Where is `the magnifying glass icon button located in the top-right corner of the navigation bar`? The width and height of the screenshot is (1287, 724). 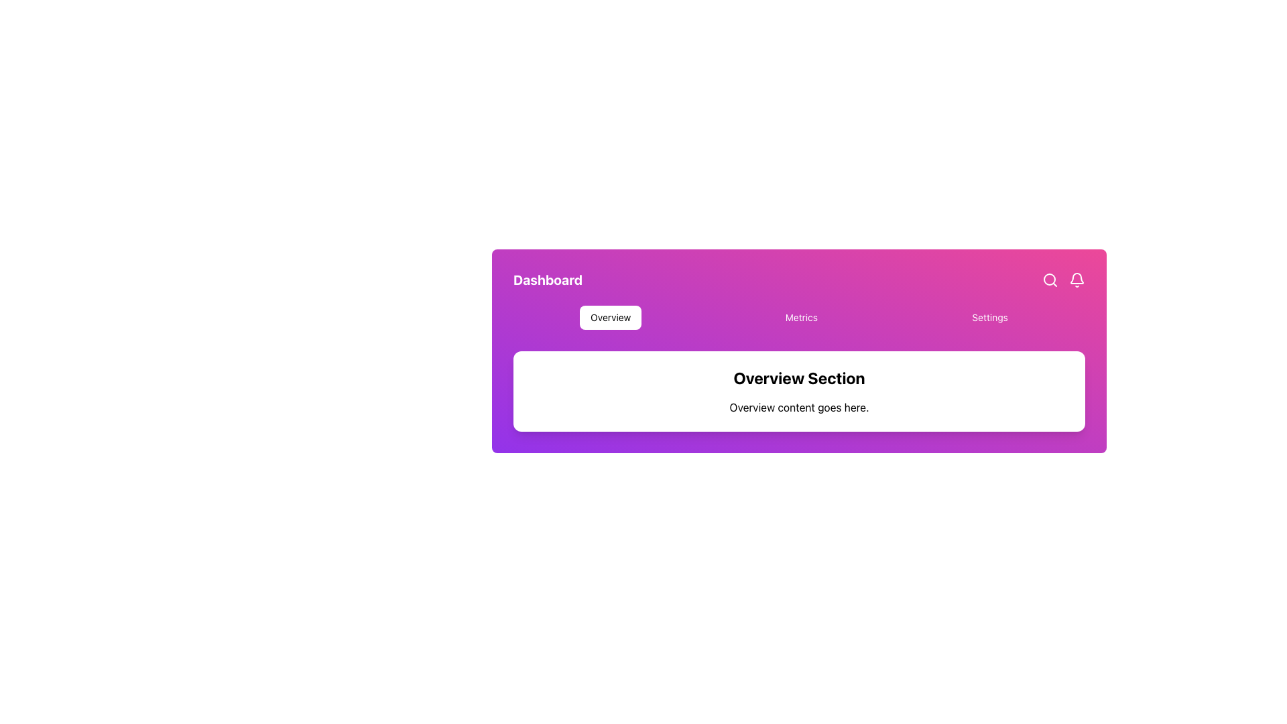
the magnifying glass icon button located in the top-right corner of the navigation bar is located at coordinates (1049, 279).